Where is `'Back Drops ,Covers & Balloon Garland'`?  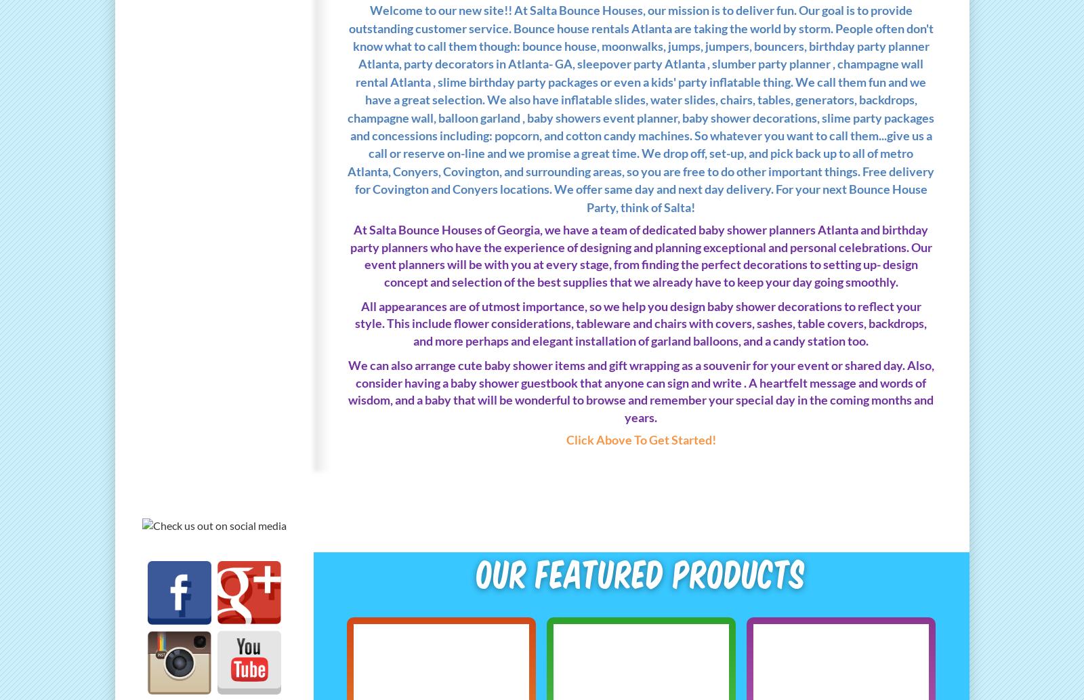 'Back Drops ,Covers & Balloon Garland' is located at coordinates (216, 37).